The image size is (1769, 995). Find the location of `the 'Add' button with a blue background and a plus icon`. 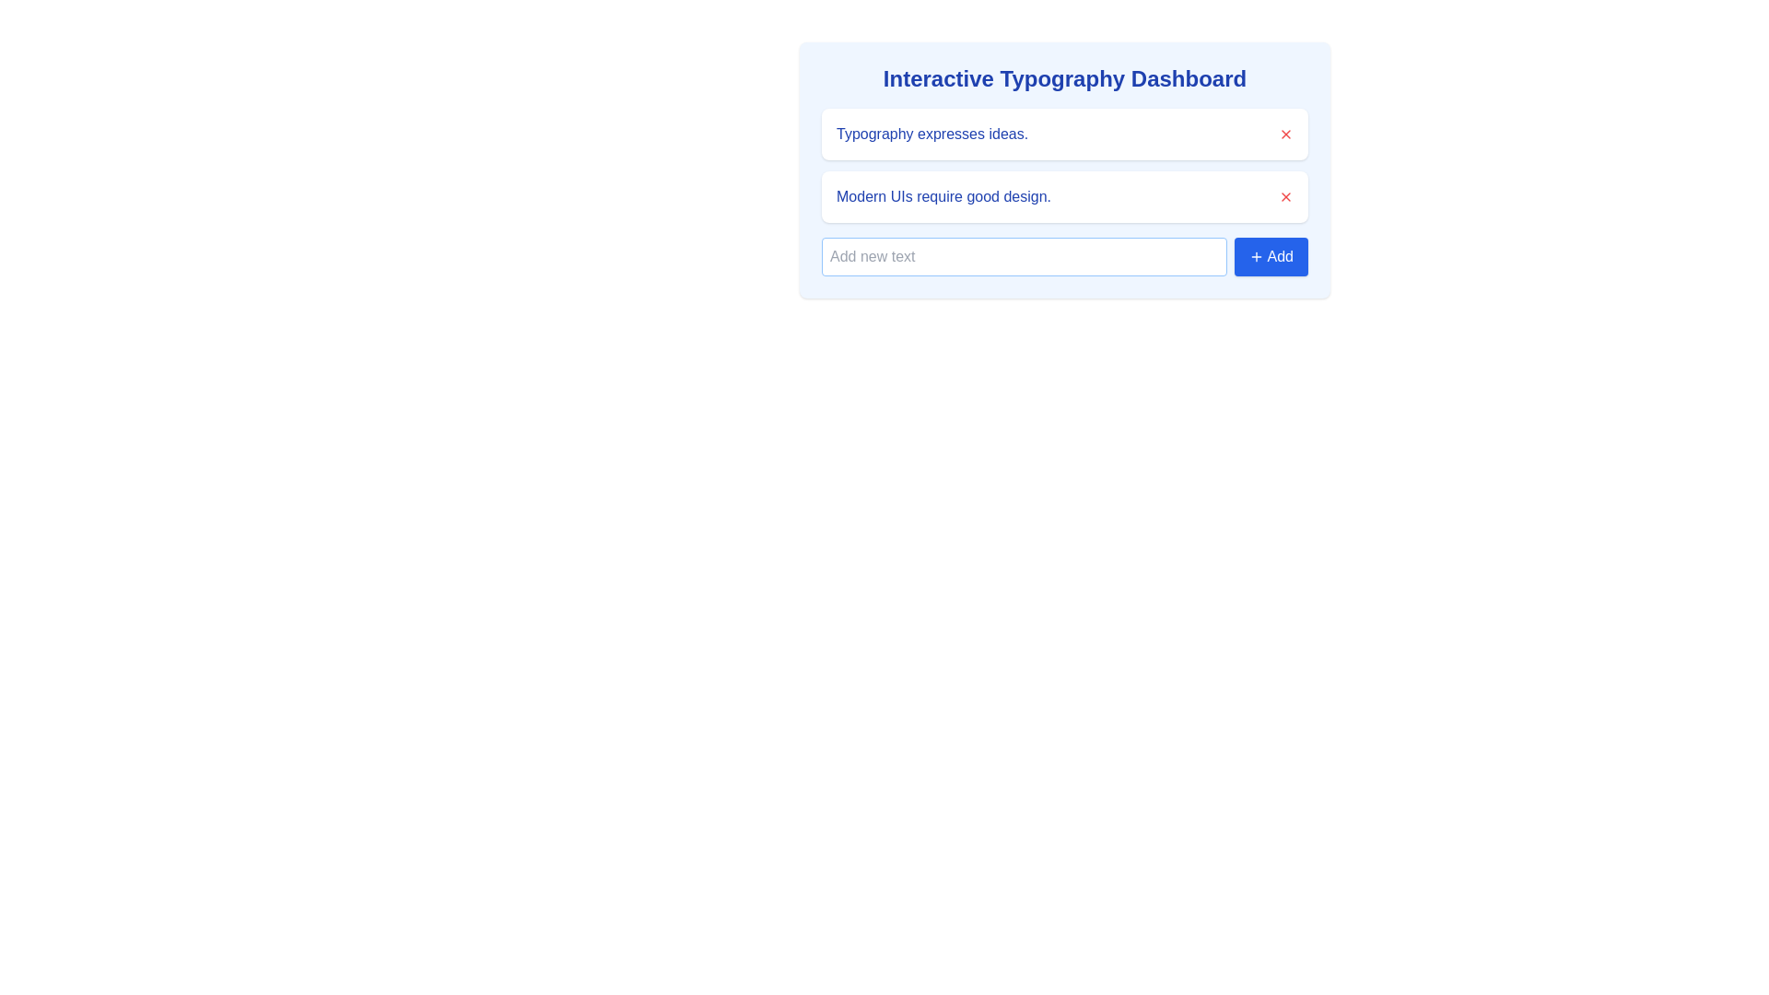

the 'Add' button with a blue background and a plus icon is located at coordinates (1270, 256).